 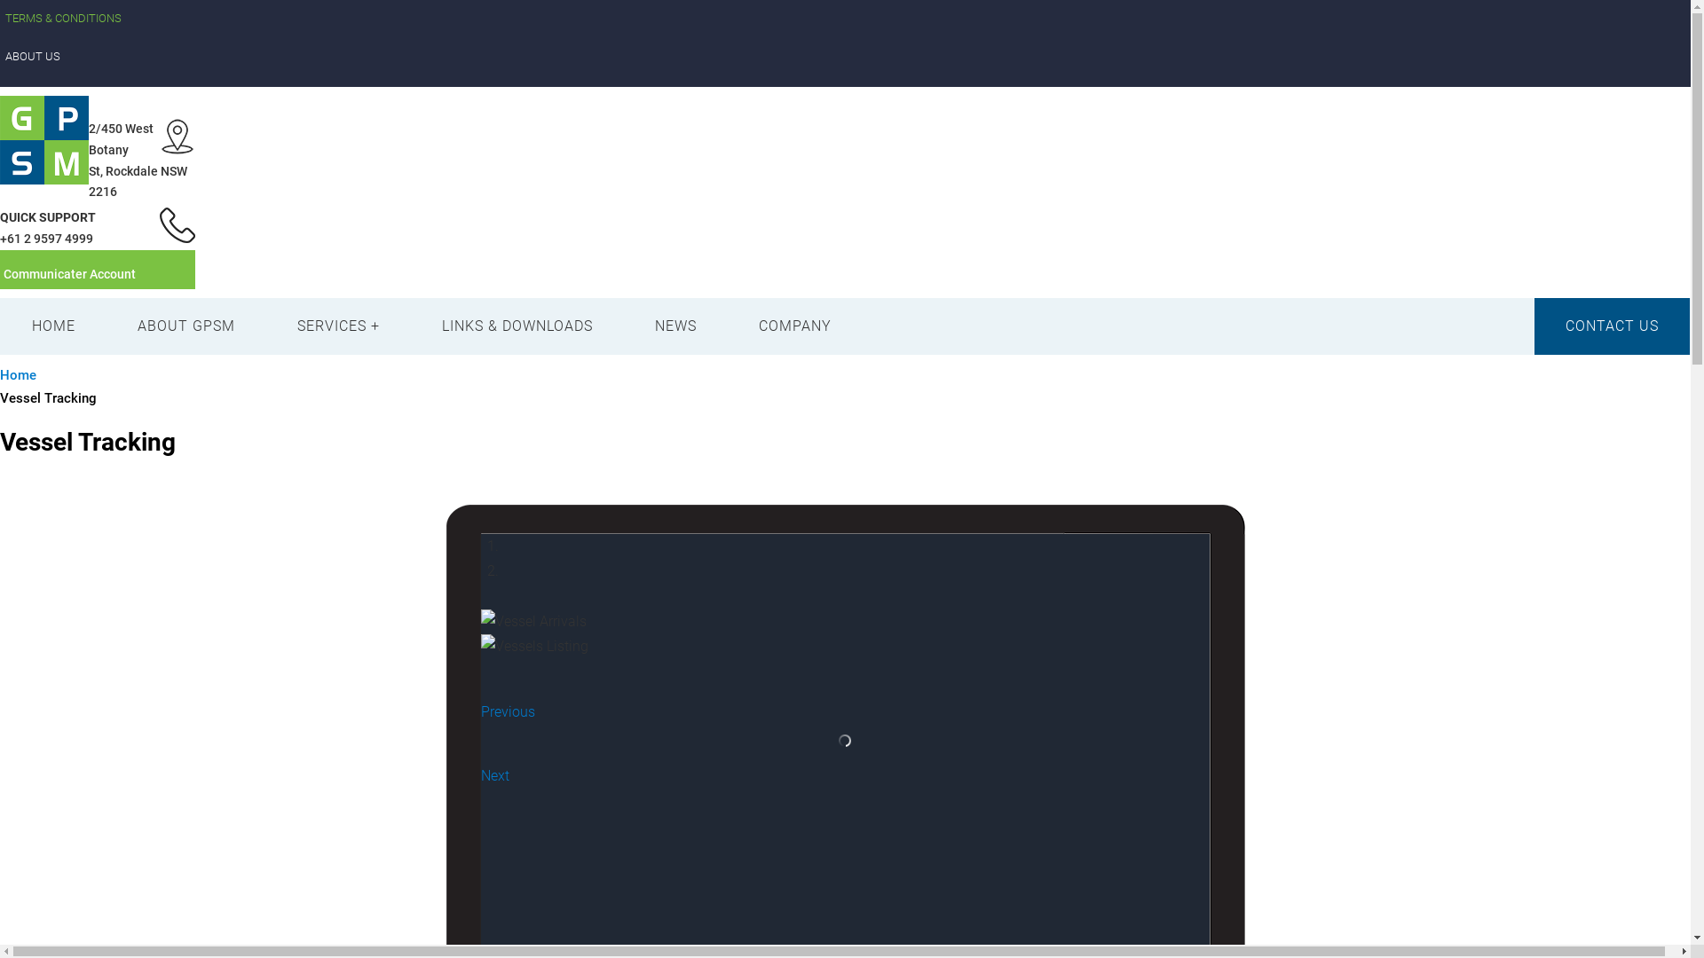 What do you see at coordinates (46, 238) in the screenshot?
I see `'+61 2 9597 4999'` at bounding box center [46, 238].